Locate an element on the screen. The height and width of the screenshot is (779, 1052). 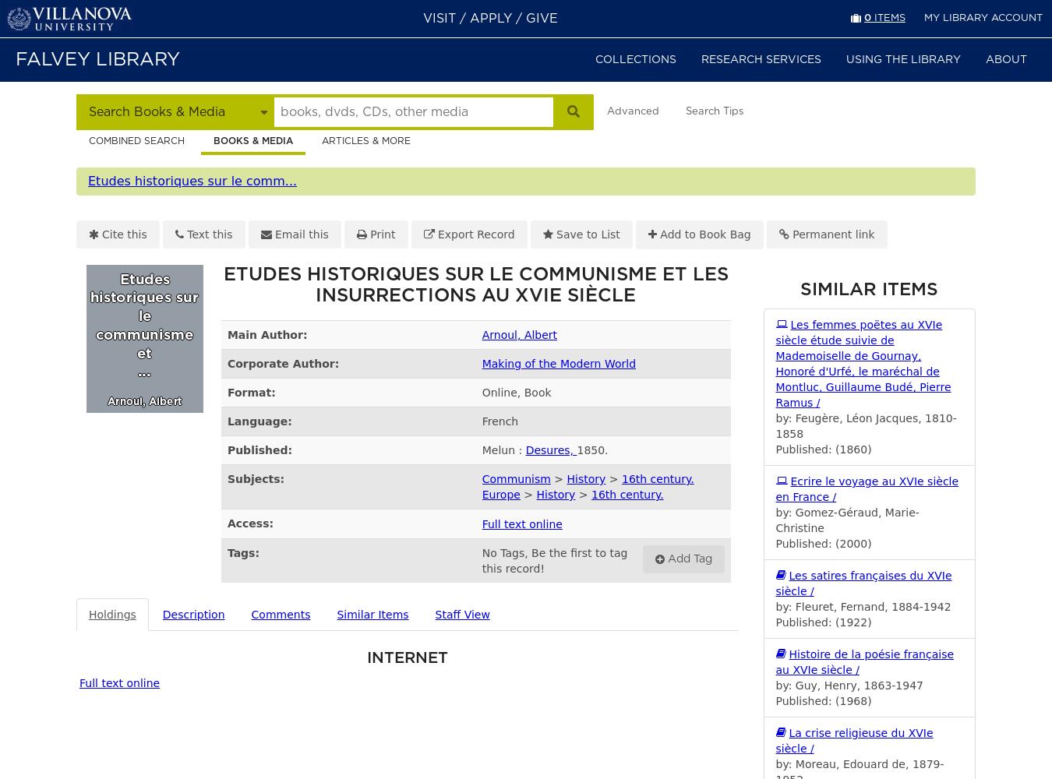
'Print' is located at coordinates (381, 234).